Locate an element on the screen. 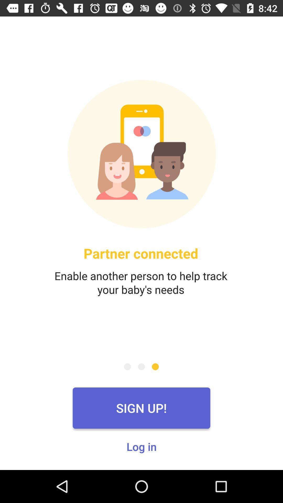 Image resolution: width=283 pixels, height=503 pixels. the icon above log in is located at coordinates (141, 408).